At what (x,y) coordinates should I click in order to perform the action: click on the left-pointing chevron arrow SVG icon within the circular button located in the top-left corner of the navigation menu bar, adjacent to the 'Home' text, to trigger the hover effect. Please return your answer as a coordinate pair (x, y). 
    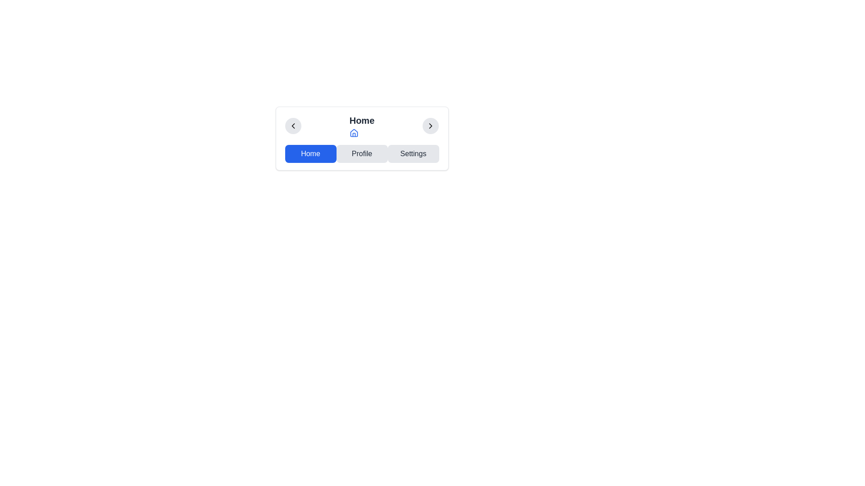
    Looking at the image, I should click on (293, 126).